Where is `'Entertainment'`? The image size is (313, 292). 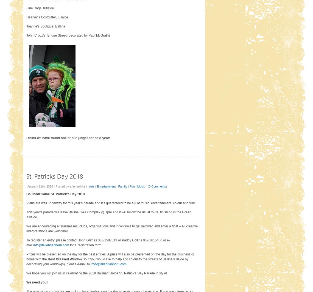 'Entertainment' is located at coordinates (106, 186).